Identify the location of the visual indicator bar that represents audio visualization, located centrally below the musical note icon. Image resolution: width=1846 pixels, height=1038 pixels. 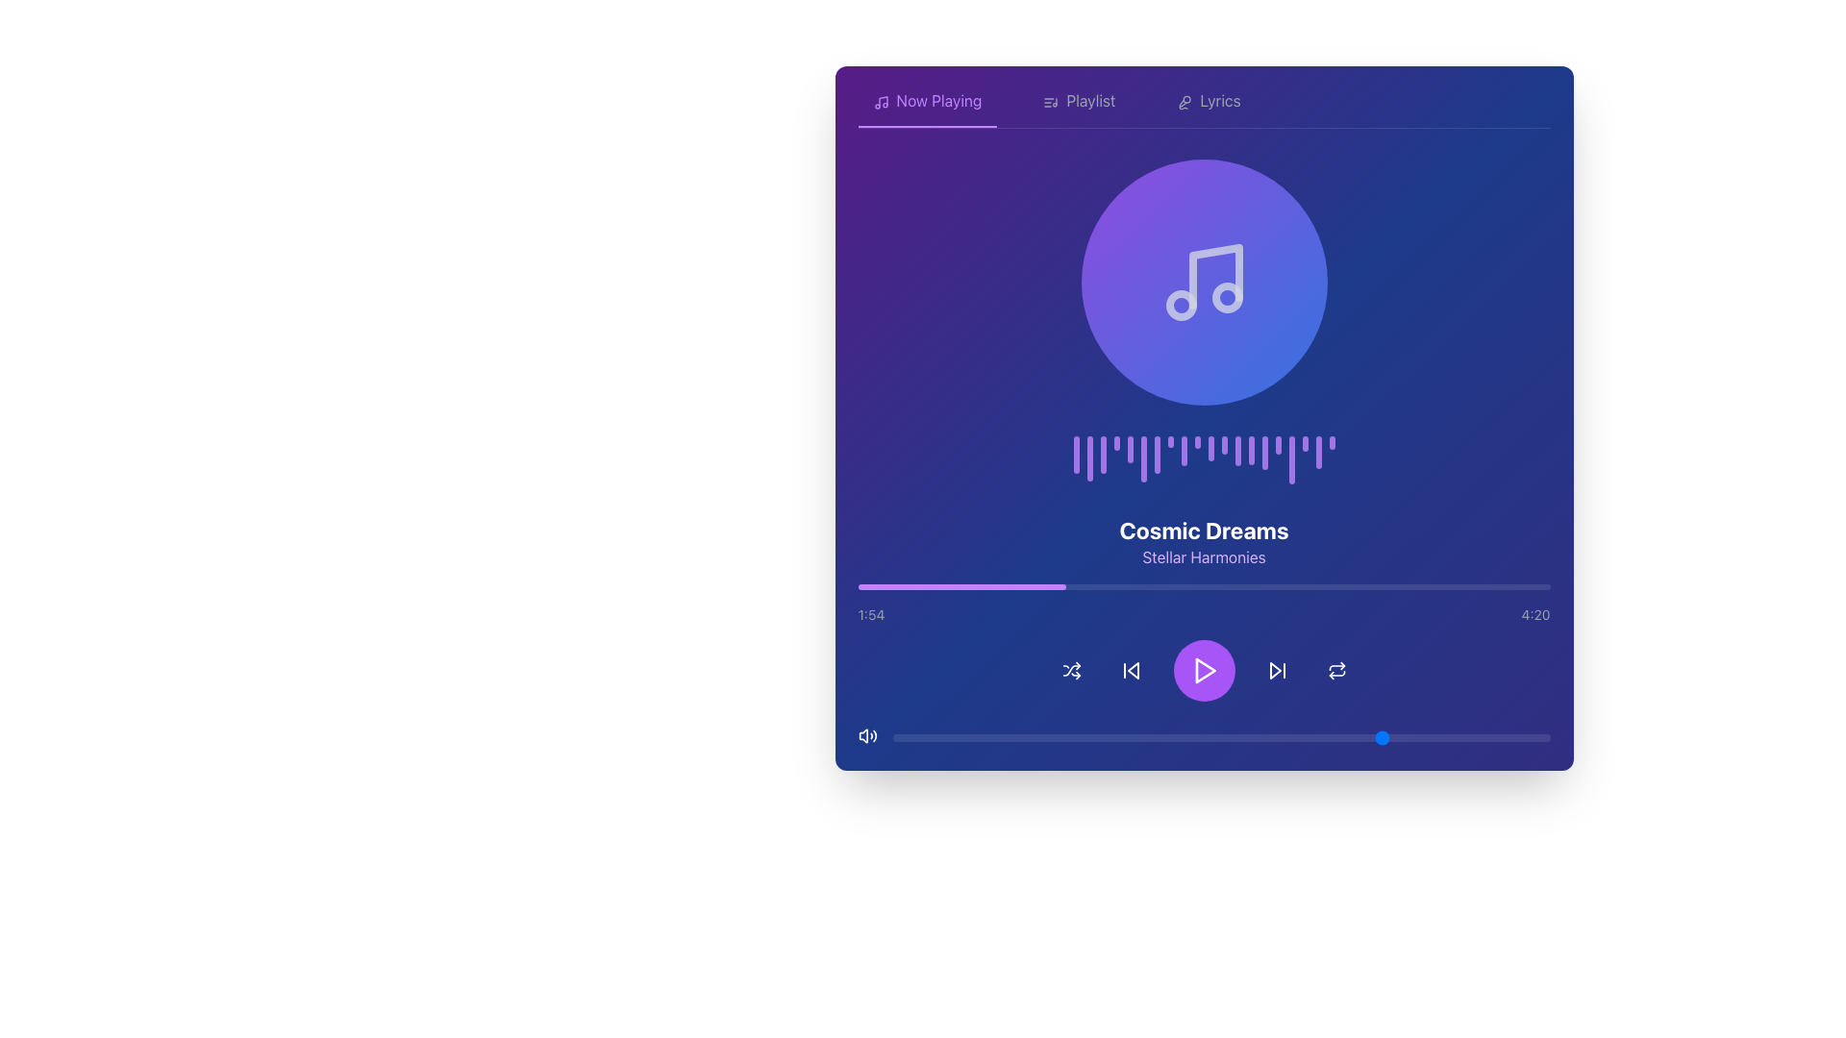
(1103, 455).